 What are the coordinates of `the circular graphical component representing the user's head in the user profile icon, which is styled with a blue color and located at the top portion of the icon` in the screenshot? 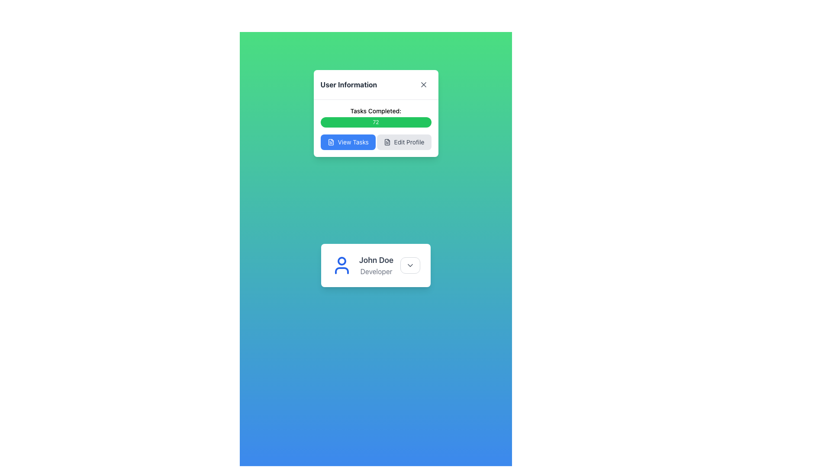 It's located at (341, 261).